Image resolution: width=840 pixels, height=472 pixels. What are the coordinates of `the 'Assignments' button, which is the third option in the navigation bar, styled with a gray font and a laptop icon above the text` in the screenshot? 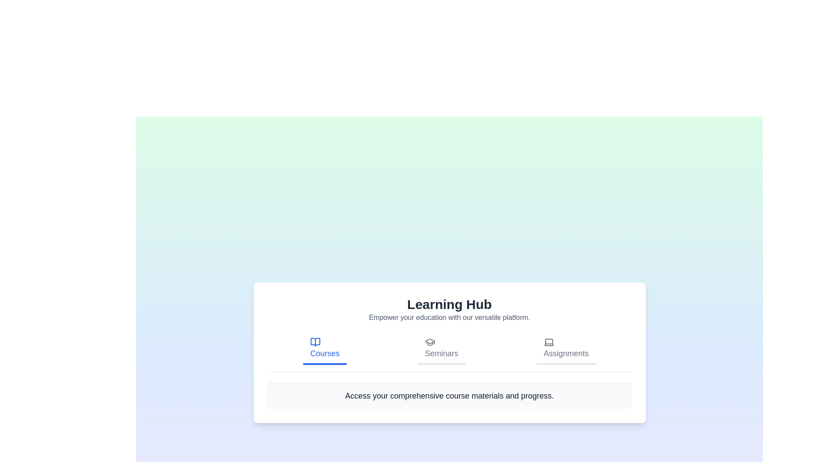 It's located at (566, 348).